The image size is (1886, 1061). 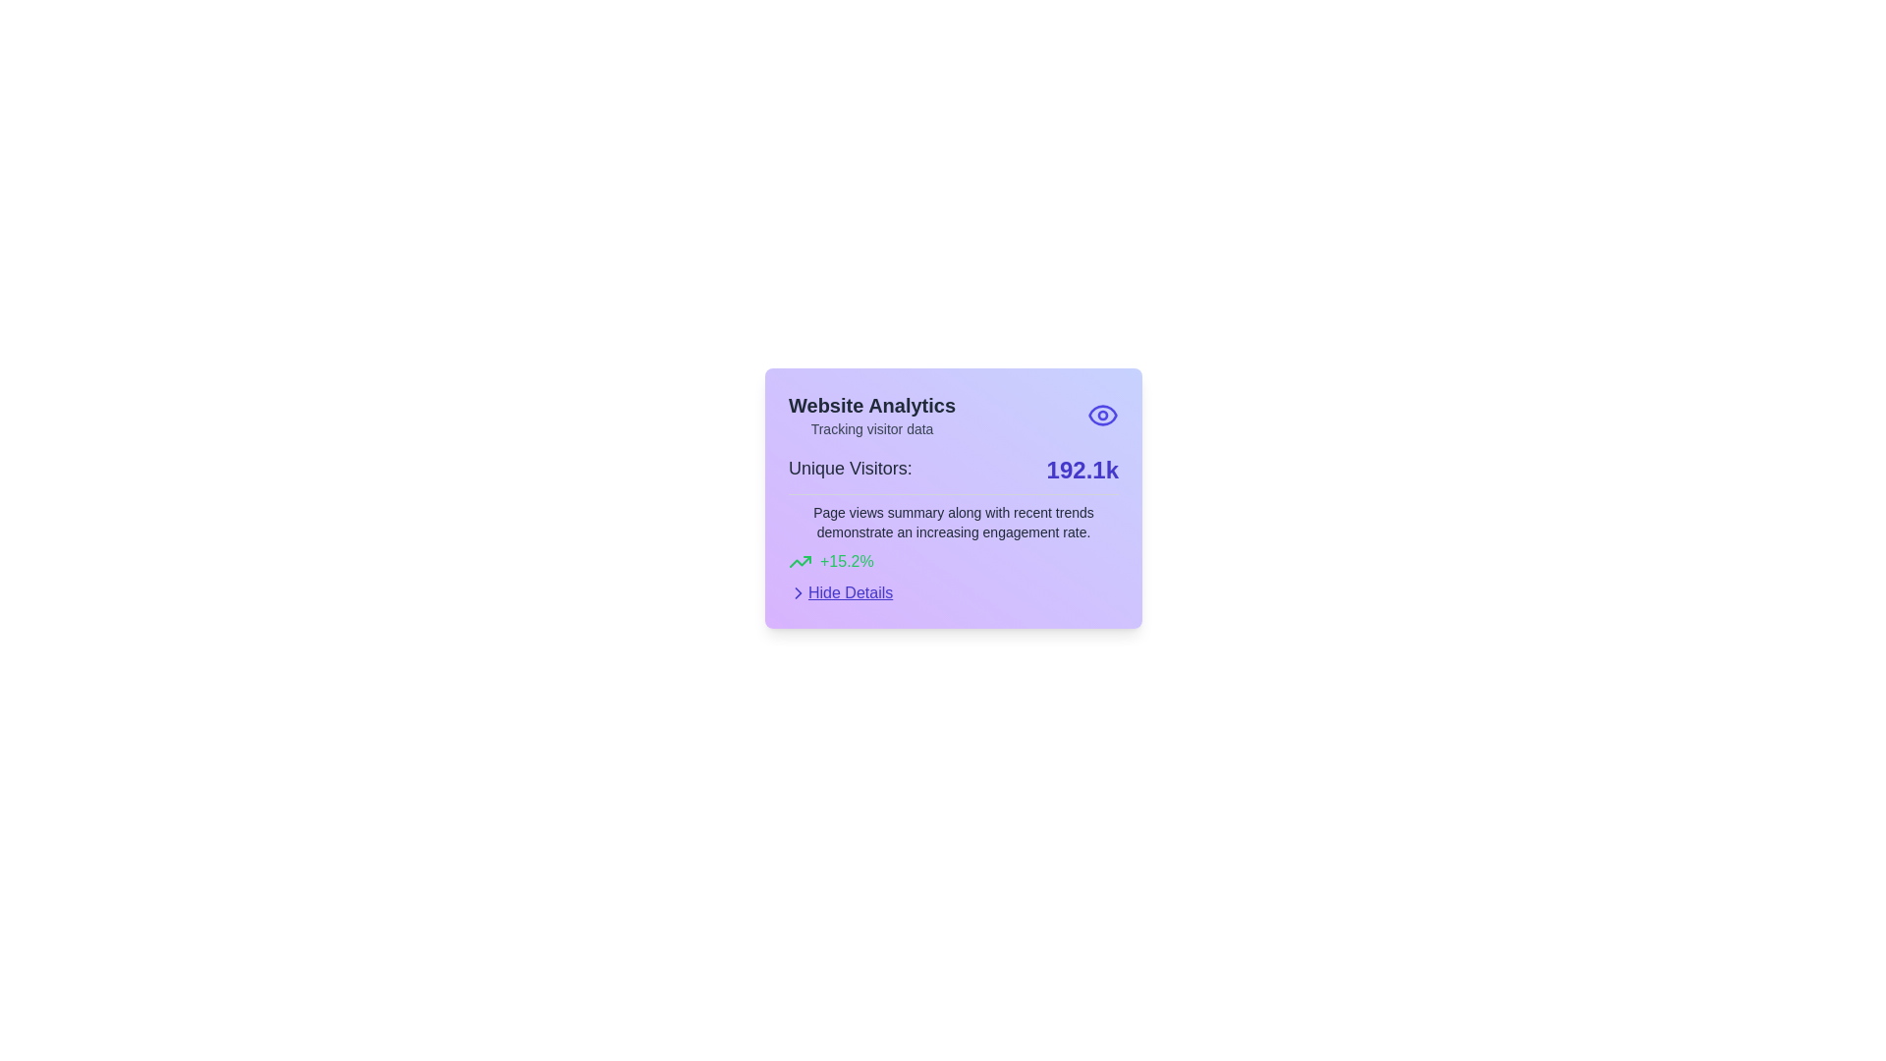 What do you see at coordinates (871, 427) in the screenshot?
I see `the text label reading 'Tracking visitor data', which is styled in a smaller font size and muted gray color, located below the 'Website Analytics' header` at bounding box center [871, 427].